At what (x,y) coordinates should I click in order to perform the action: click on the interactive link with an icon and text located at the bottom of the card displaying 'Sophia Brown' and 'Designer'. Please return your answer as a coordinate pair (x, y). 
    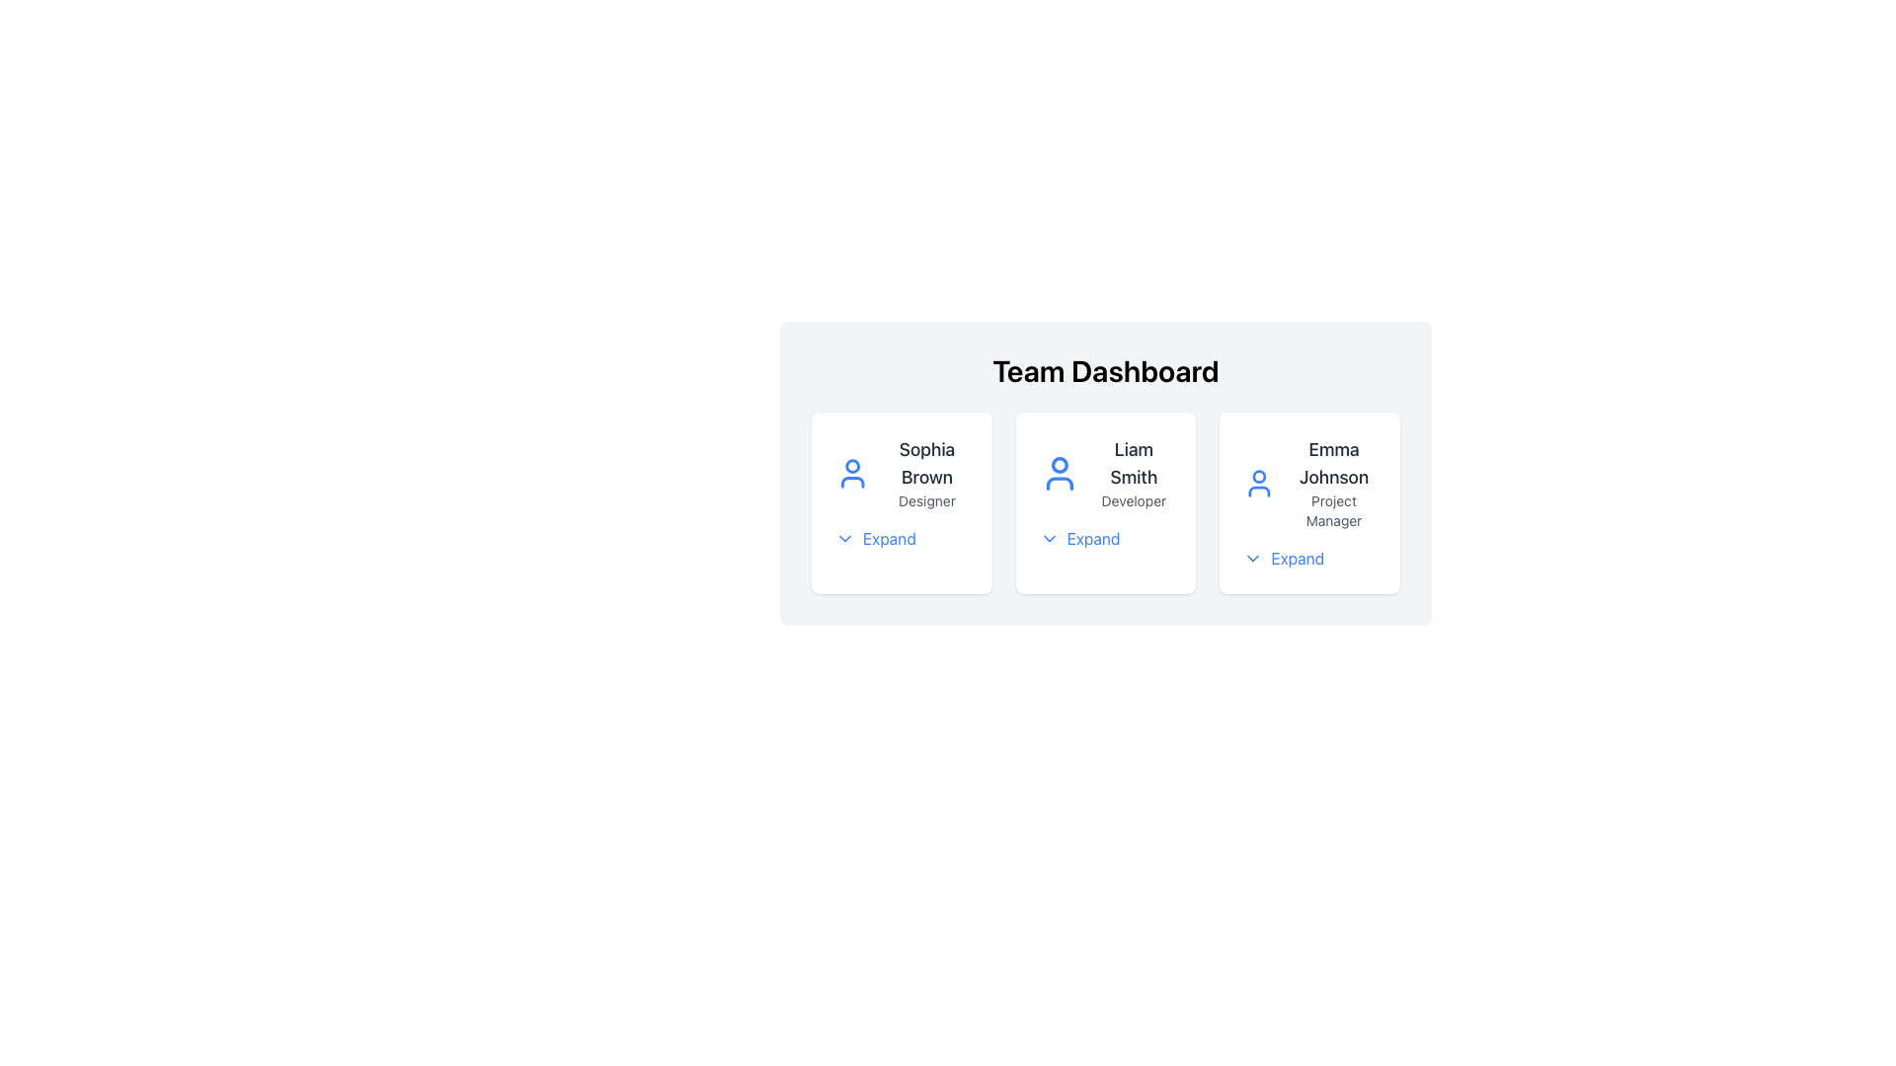
    Looking at the image, I should click on (900, 539).